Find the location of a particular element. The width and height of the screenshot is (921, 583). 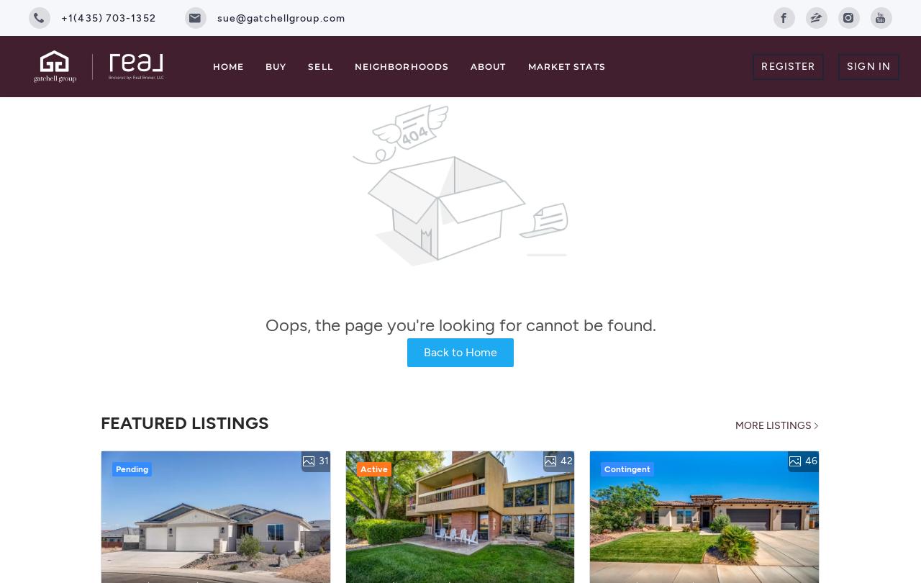

'Register' is located at coordinates (787, 65).